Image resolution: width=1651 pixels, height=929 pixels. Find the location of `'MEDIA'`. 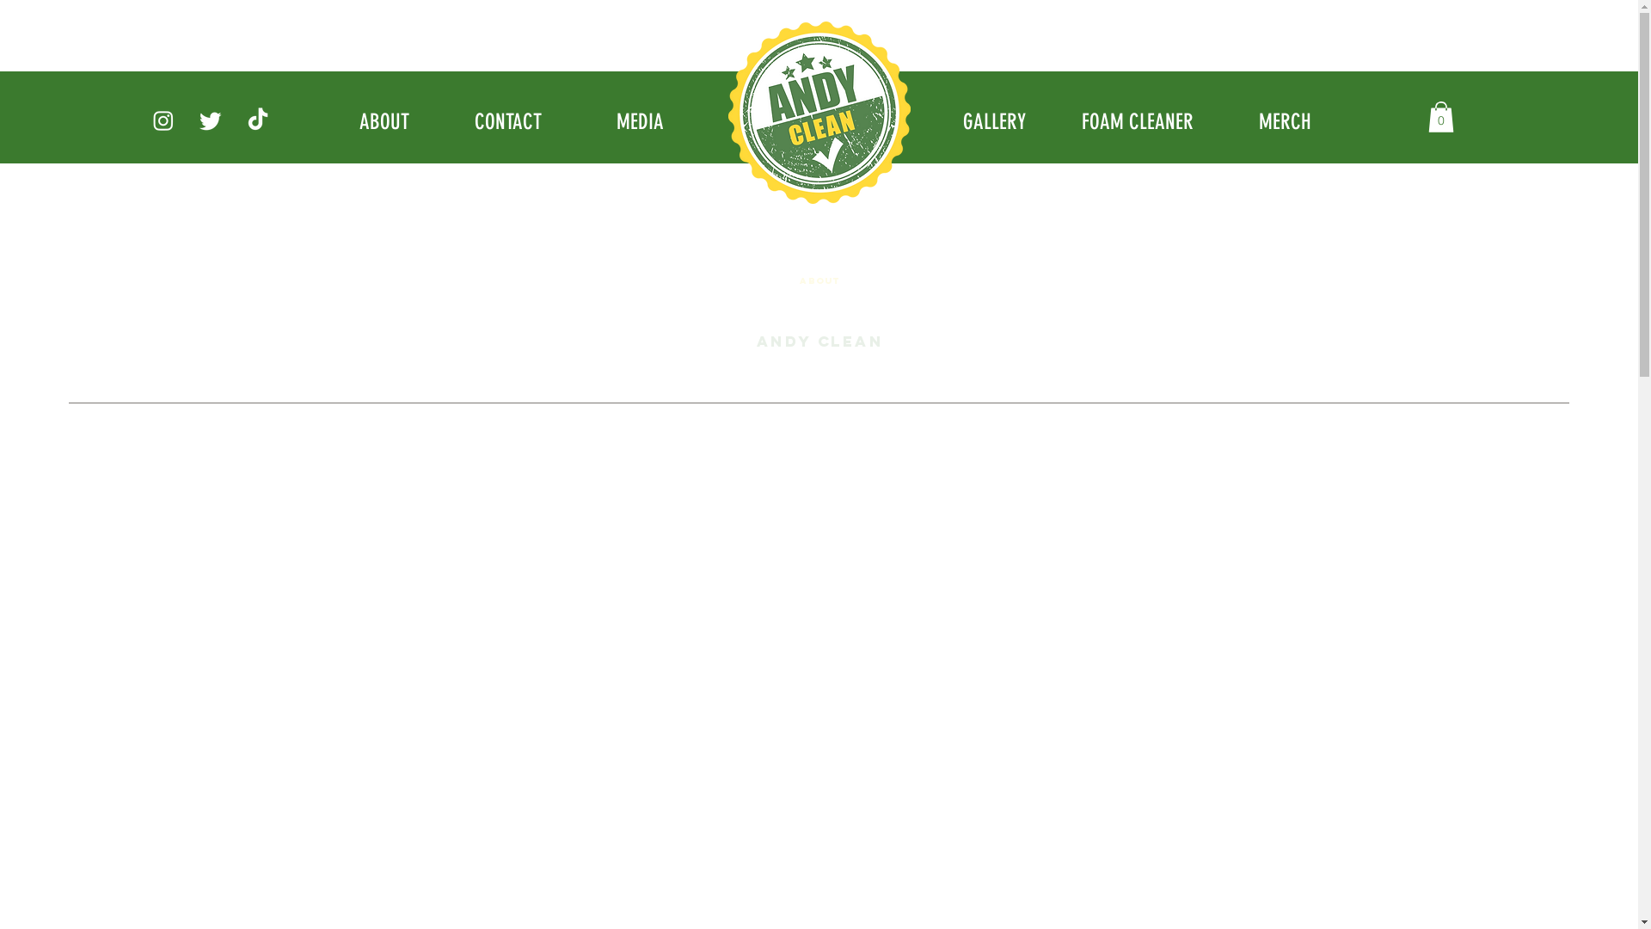

'MEDIA' is located at coordinates (640, 120).